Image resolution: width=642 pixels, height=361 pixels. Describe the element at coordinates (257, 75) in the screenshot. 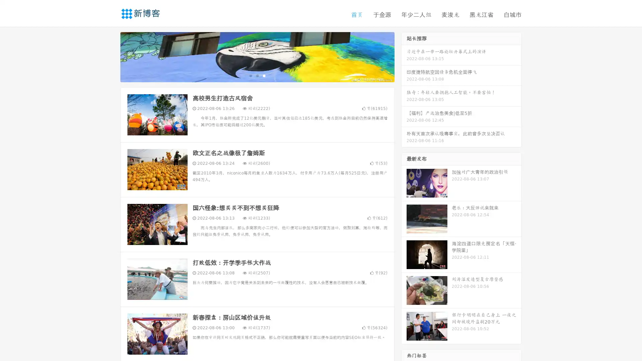

I see `Go to slide 2` at that location.